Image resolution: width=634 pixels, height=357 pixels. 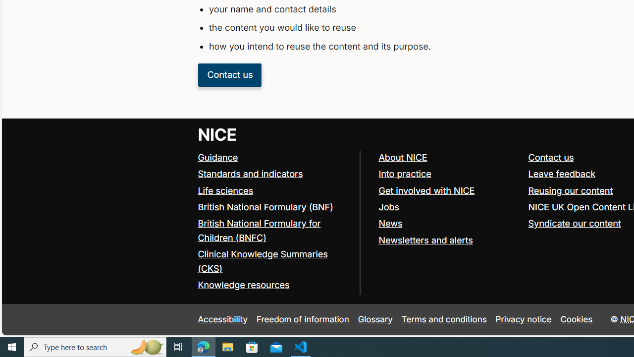 I want to click on 'Glossary', so click(x=374, y=319).